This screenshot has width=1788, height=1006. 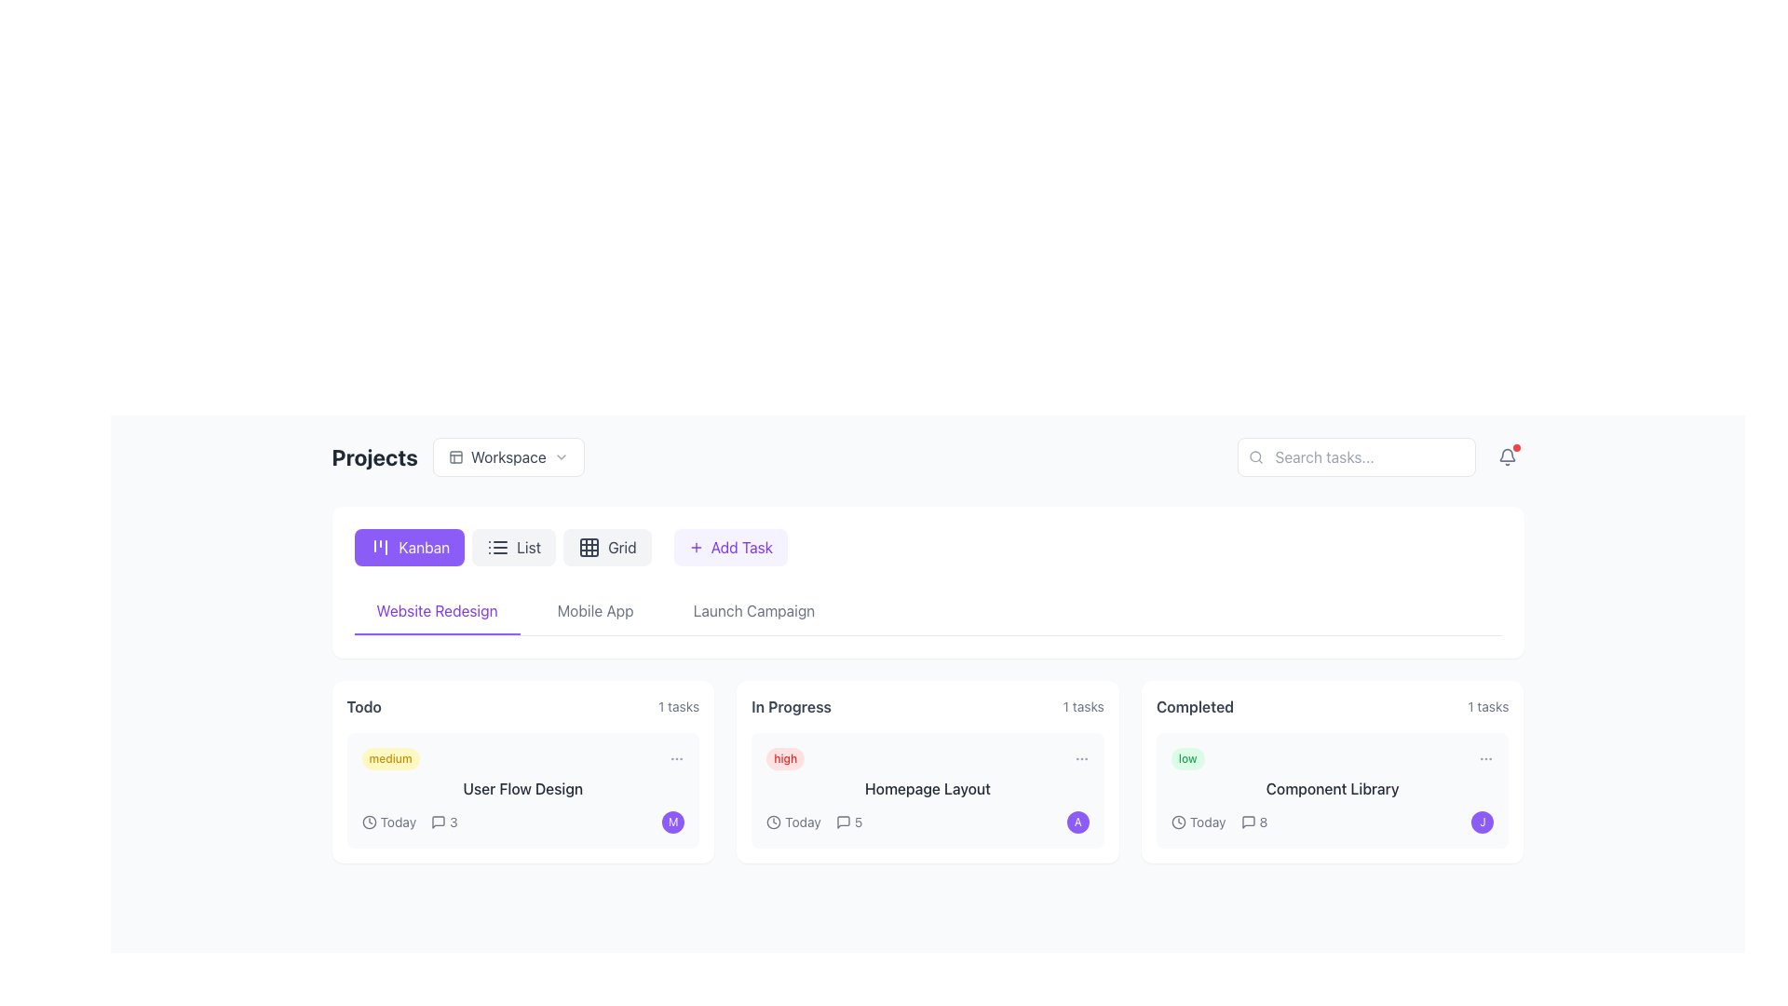 What do you see at coordinates (1177, 822) in the screenshot?
I see `the small clock icon with a circular design located to the left of the text 'Today' in the 'Completed' card` at bounding box center [1177, 822].